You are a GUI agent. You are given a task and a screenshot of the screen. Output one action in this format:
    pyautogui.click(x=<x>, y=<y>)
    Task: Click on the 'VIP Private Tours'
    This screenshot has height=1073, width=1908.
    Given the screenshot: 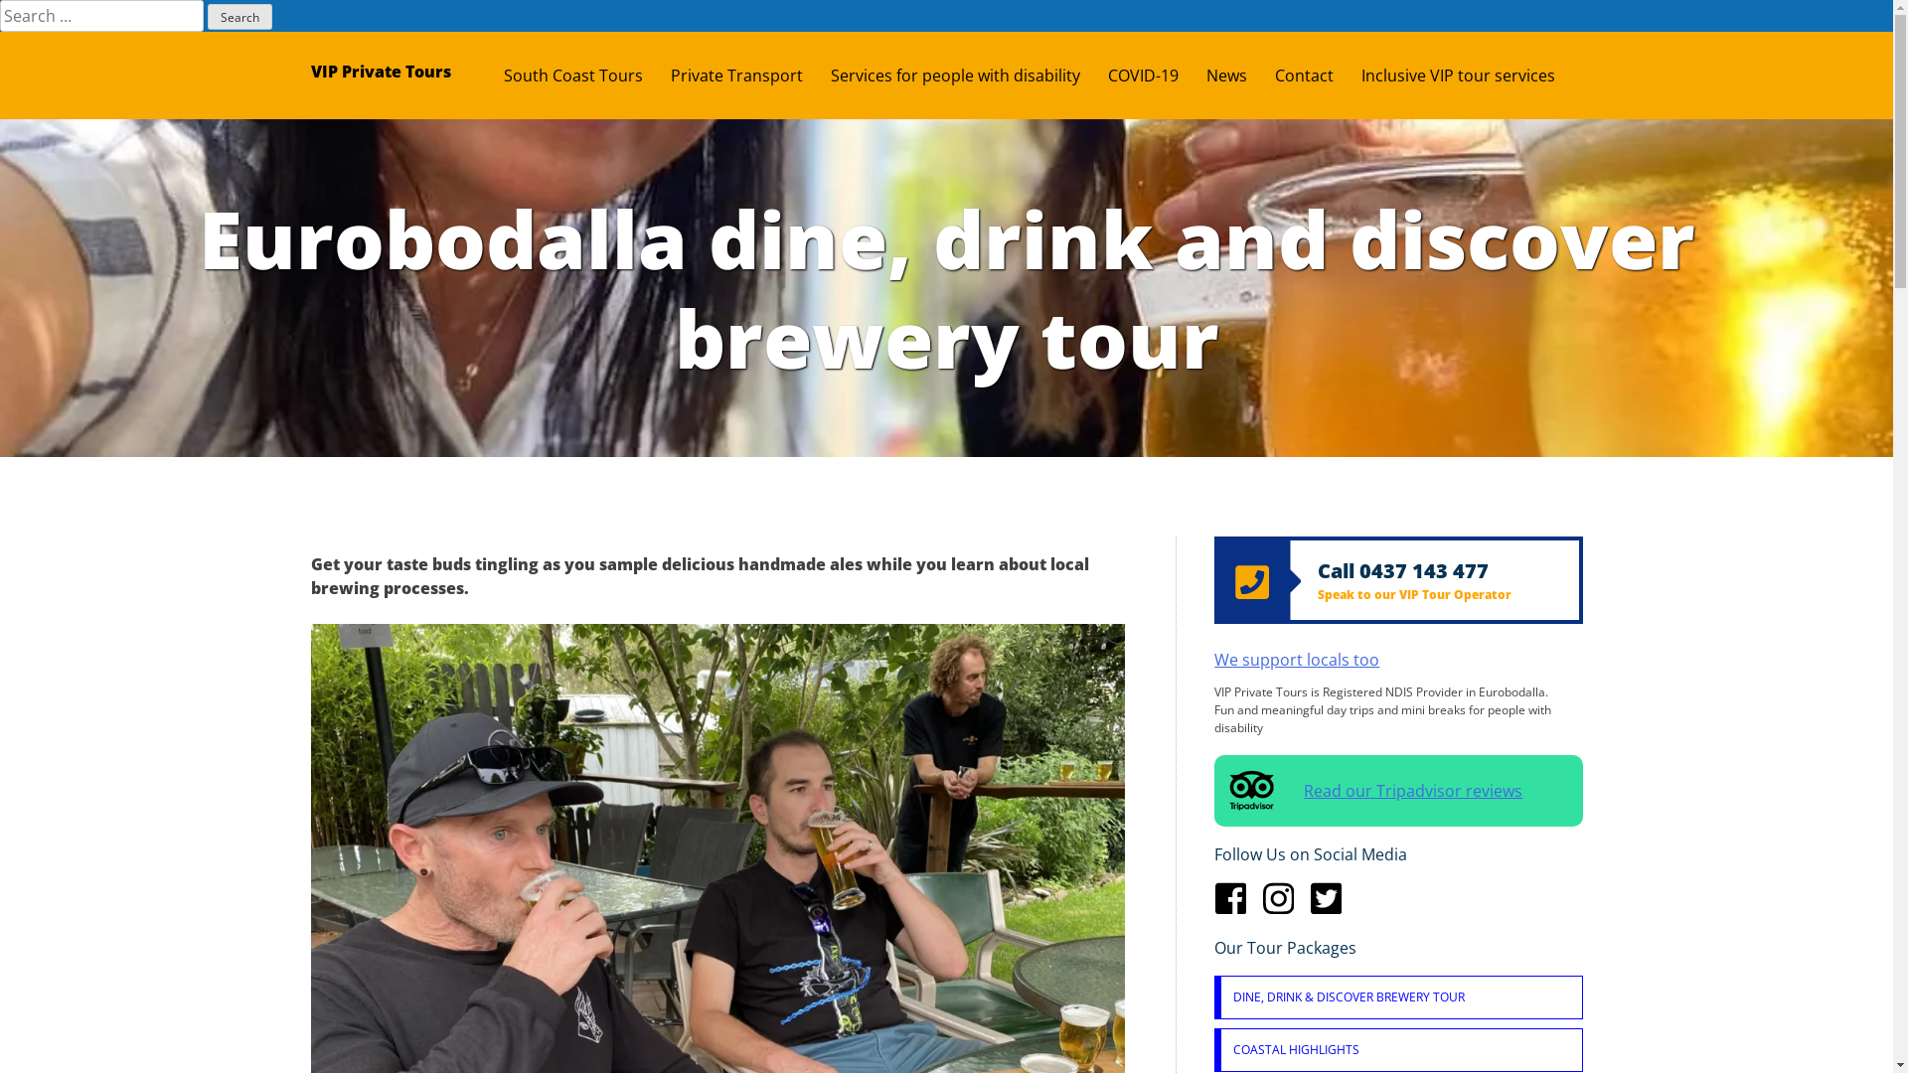 What is the action you would take?
    pyautogui.click(x=380, y=71)
    